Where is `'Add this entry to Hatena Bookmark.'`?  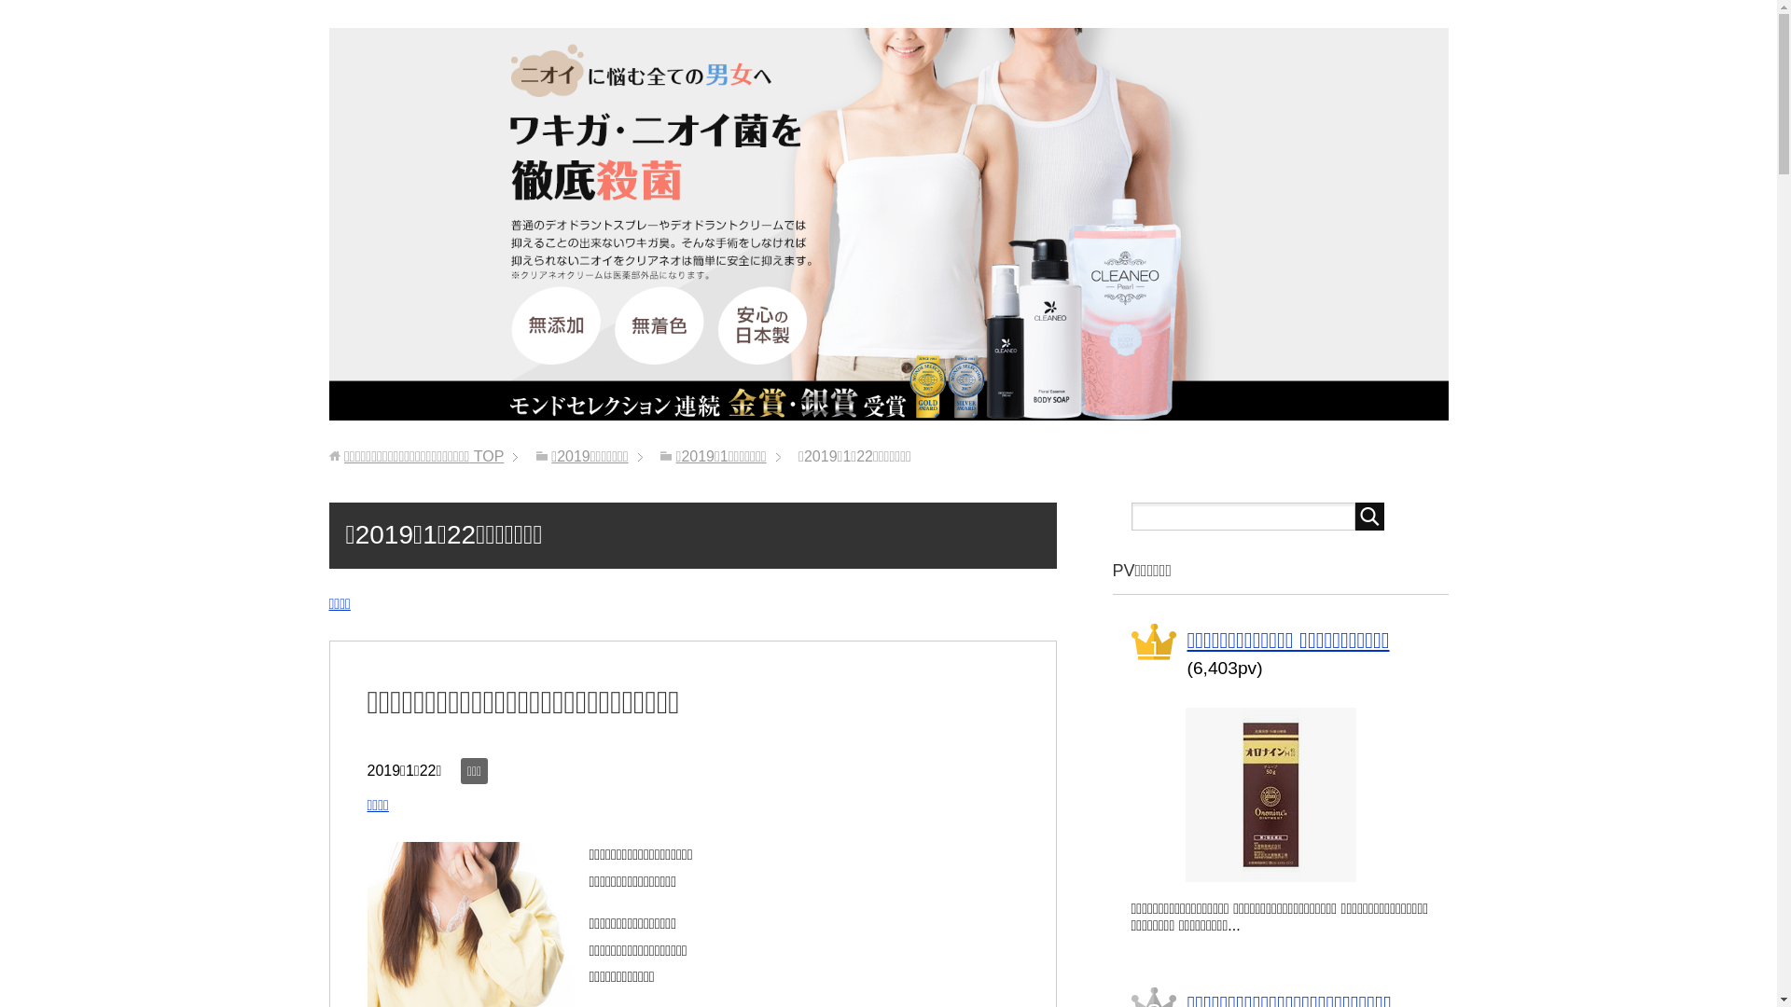
'Add this entry to Hatena Bookmark.' is located at coordinates (390, 606).